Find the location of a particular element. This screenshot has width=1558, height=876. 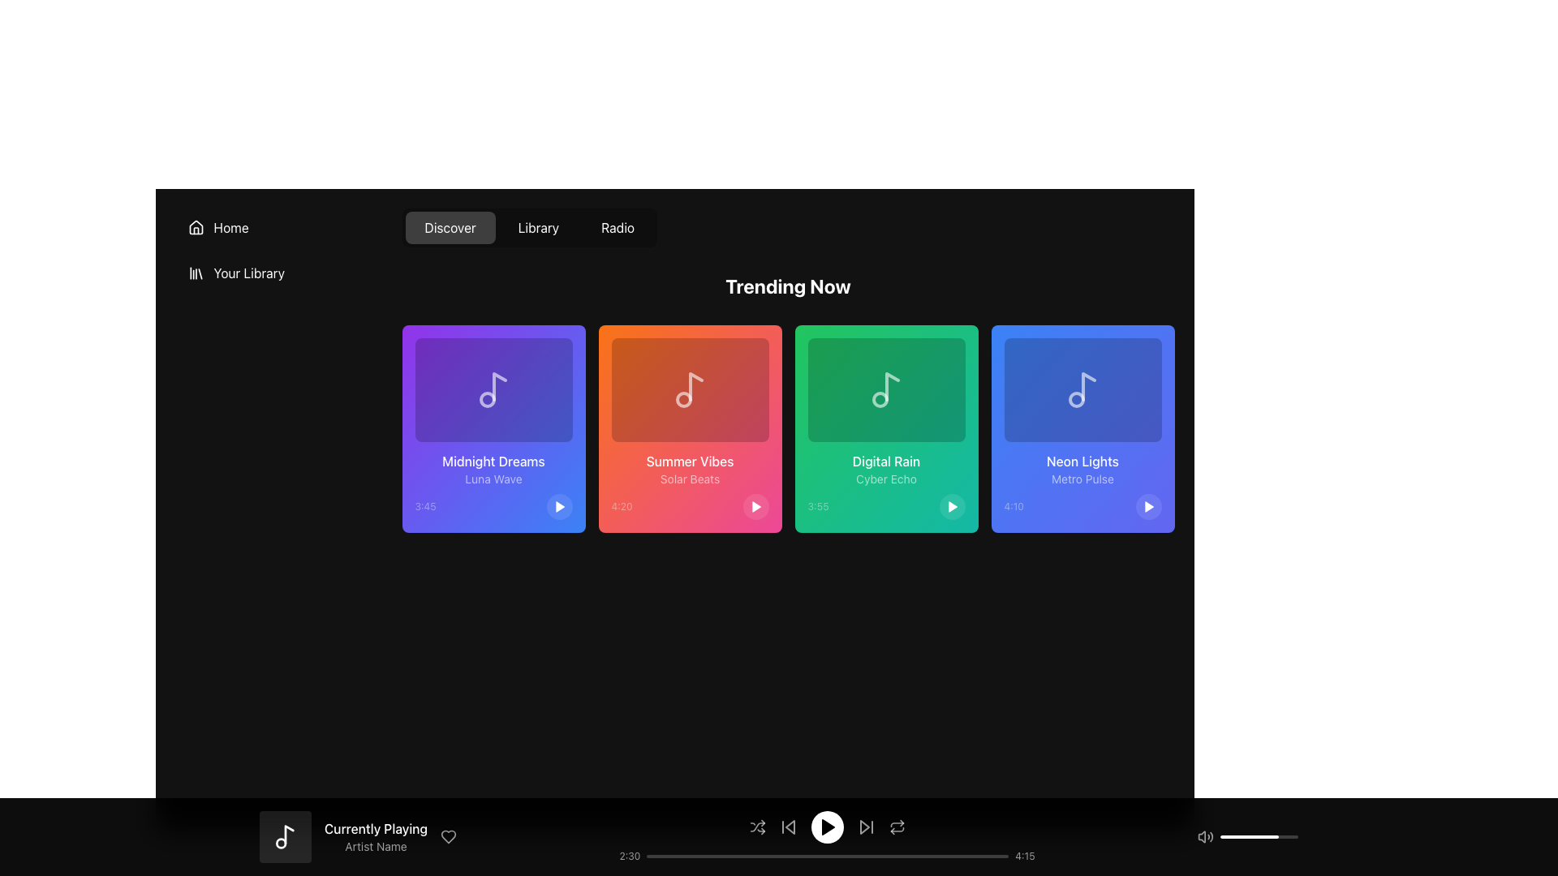

the play icon, which is a triangle pointing to the right, located in the bottom-right corner of the blue song card labeled 'Neon Lights' by 'Metro Pulse' in the 'Trending Now' section, to begin playback is located at coordinates (1147, 505).